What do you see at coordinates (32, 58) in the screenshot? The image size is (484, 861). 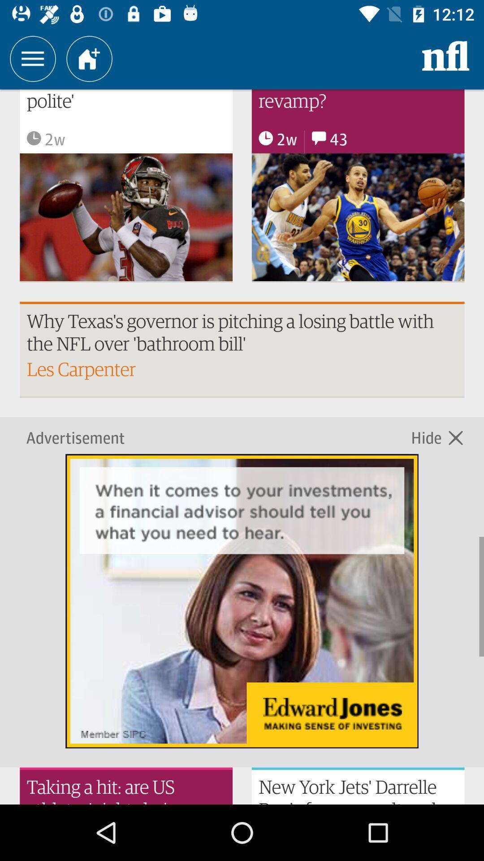 I see `the three horizontal line icon` at bounding box center [32, 58].